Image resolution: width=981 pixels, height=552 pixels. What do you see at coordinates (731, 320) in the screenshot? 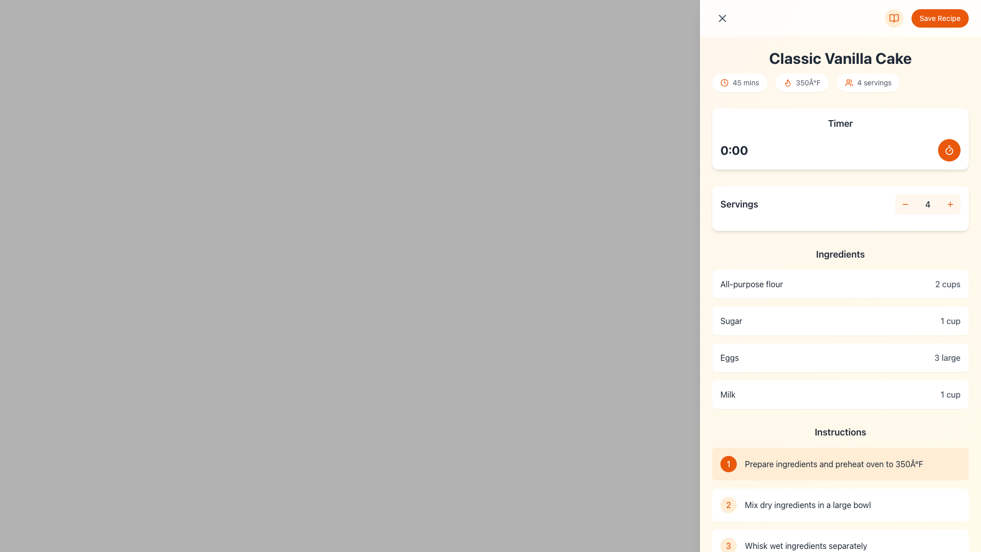
I see `text label indicating the name of the ingredient 'Sugar' located in the ingredients section of the recipe` at bounding box center [731, 320].